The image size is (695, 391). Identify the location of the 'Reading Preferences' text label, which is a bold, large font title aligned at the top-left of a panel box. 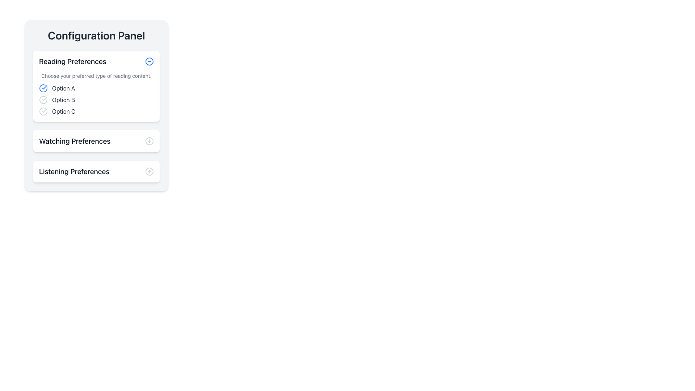
(73, 61).